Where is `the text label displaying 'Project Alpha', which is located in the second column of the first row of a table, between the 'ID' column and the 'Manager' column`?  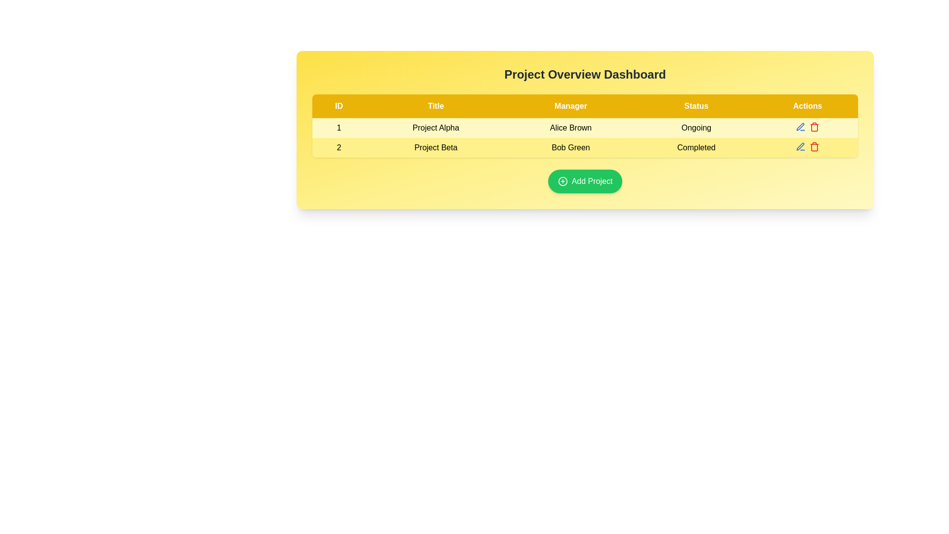
the text label displaying 'Project Alpha', which is located in the second column of the first row of a table, between the 'ID' column and the 'Manager' column is located at coordinates (435, 127).